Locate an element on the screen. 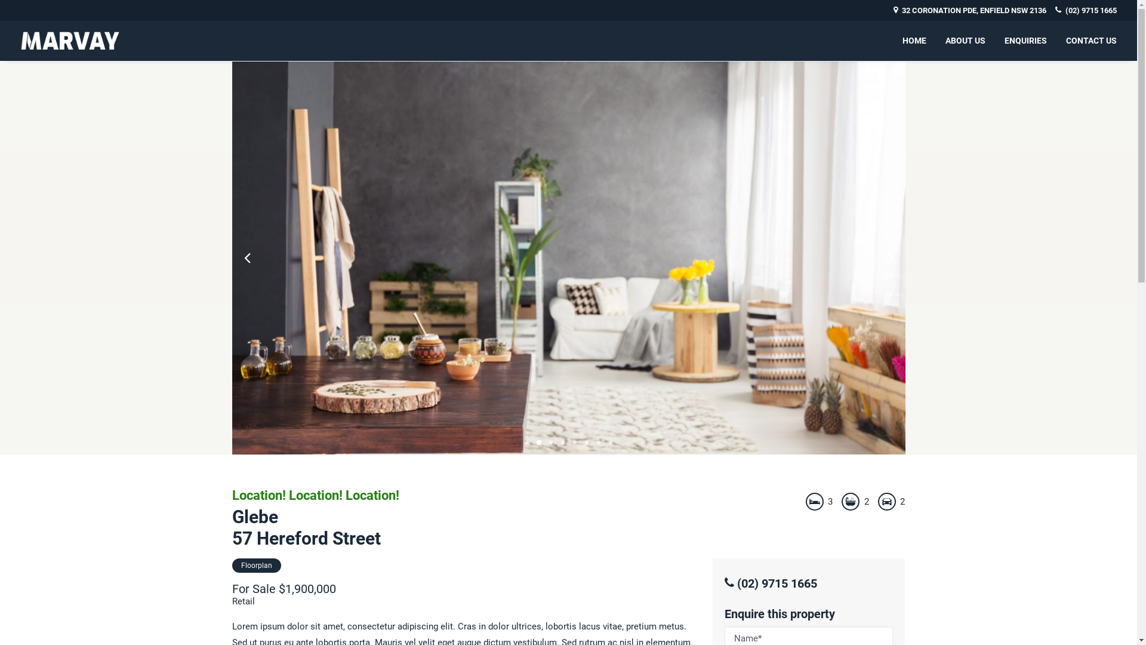  'Bedrooms' is located at coordinates (814, 501).